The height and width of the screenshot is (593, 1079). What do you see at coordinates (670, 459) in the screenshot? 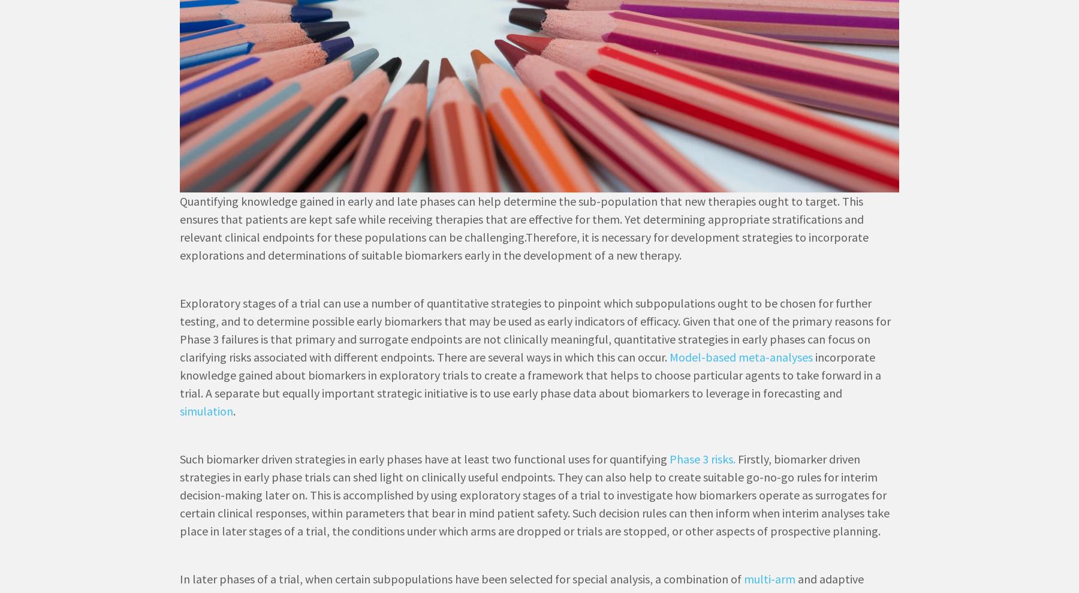
I see `'Phase 3 risks.'` at bounding box center [670, 459].